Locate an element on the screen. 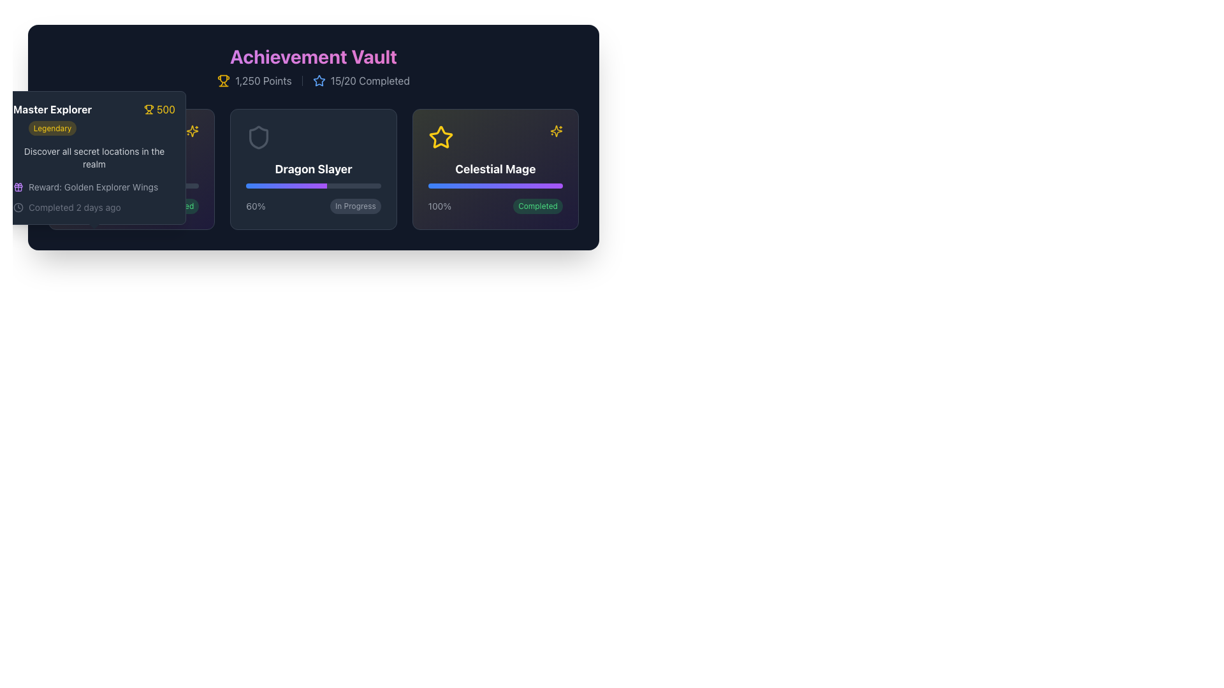 Image resolution: width=1224 pixels, height=688 pixels. the interactive embedded icons within the header that summarizes achievement-related statistics for navigation or more details is located at coordinates (313, 66).